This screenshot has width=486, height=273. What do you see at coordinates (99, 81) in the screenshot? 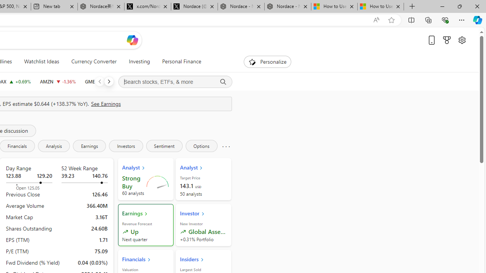
I see `'Previous'` at bounding box center [99, 81].